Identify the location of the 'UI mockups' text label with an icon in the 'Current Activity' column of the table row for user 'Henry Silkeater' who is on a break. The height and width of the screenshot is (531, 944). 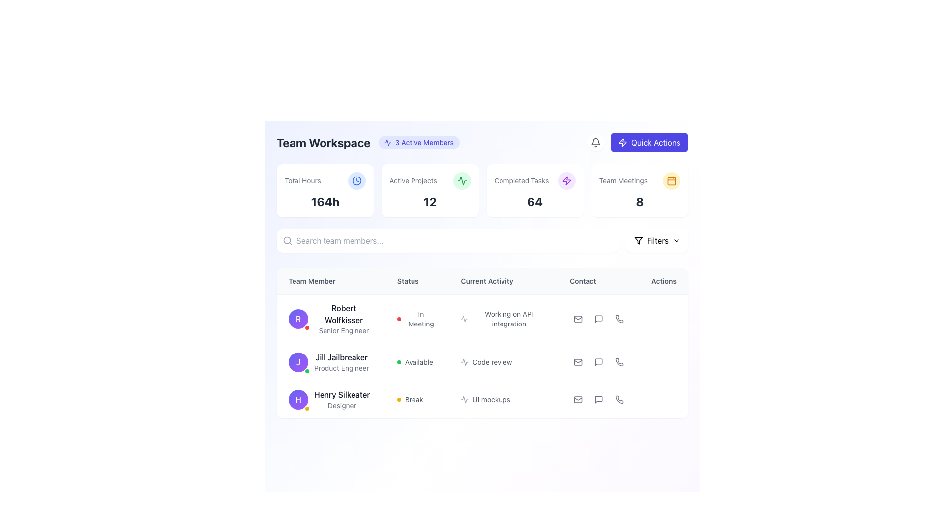
(503, 400).